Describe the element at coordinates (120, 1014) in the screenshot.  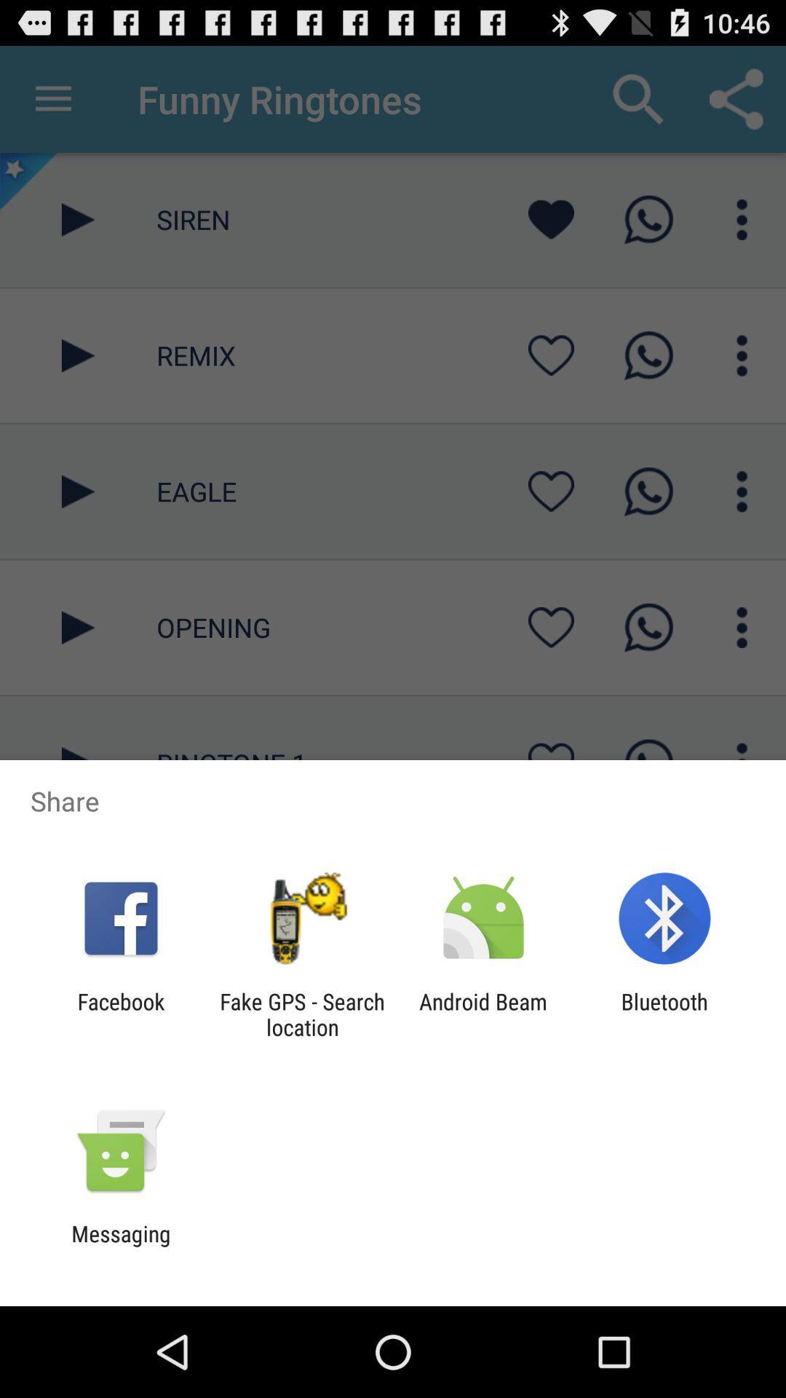
I see `the facebook app` at that location.